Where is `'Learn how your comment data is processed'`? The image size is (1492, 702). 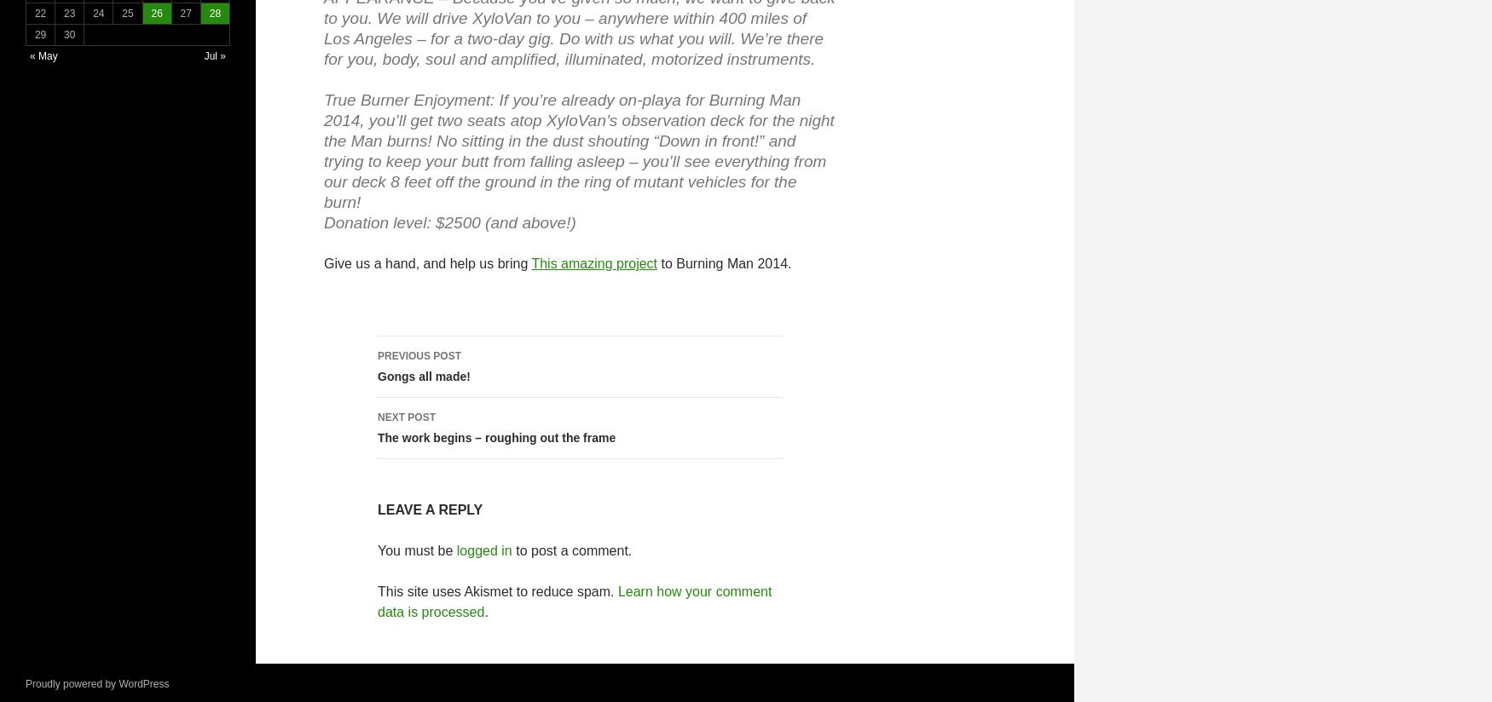
'Learn how your comment data is processed' is located at coordinates (573, 601).